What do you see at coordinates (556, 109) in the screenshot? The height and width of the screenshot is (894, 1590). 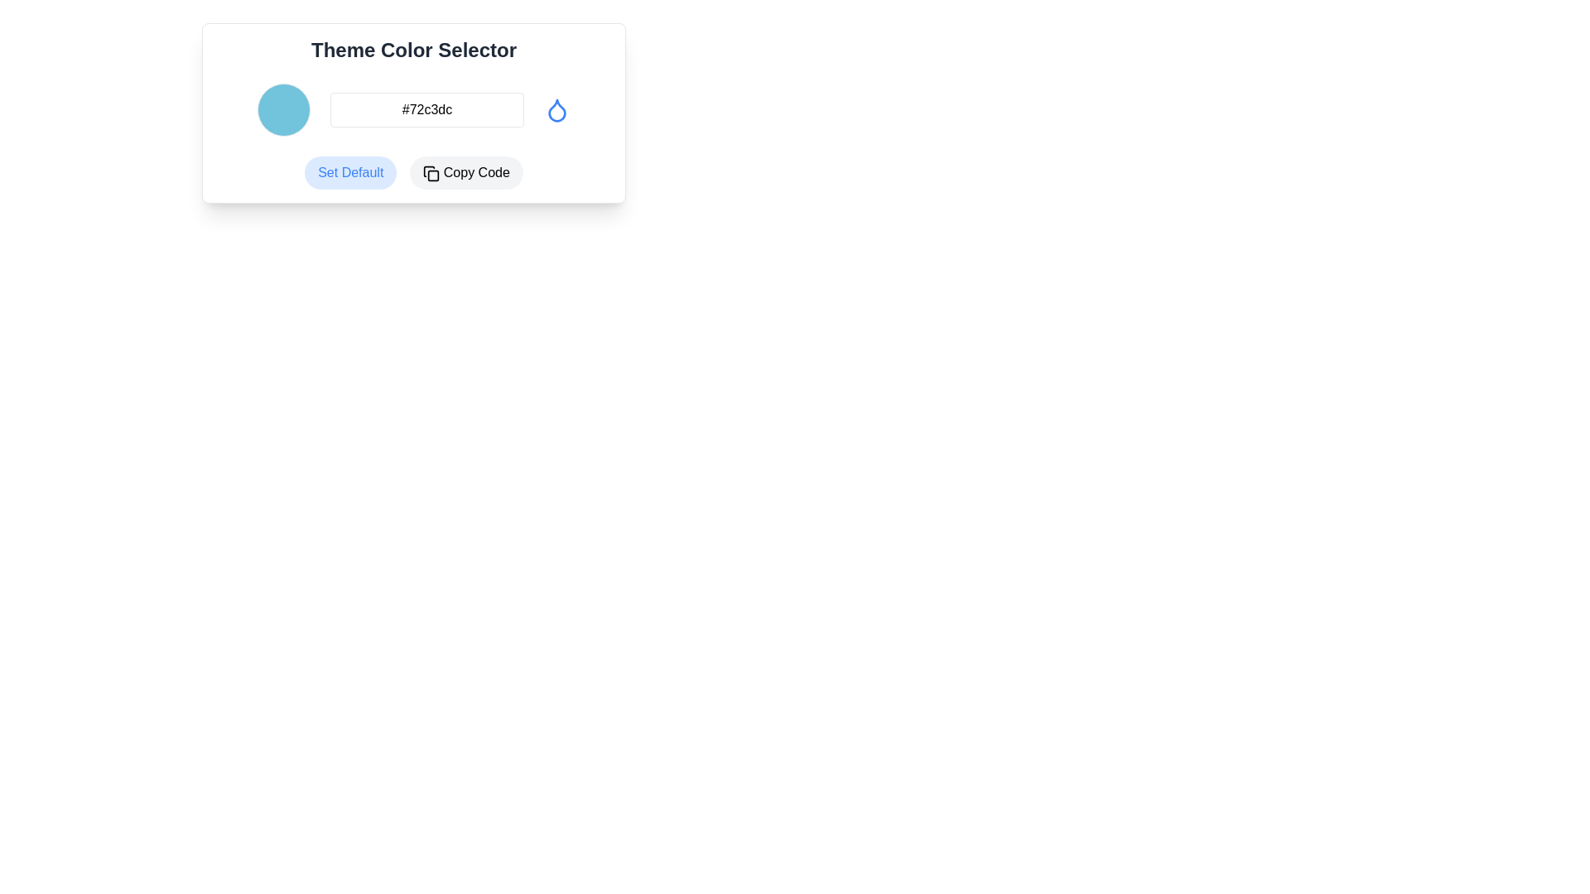 I see `the icon related to water or drop themes located on the right side of the color code input field` at bounding box center [556, 109].